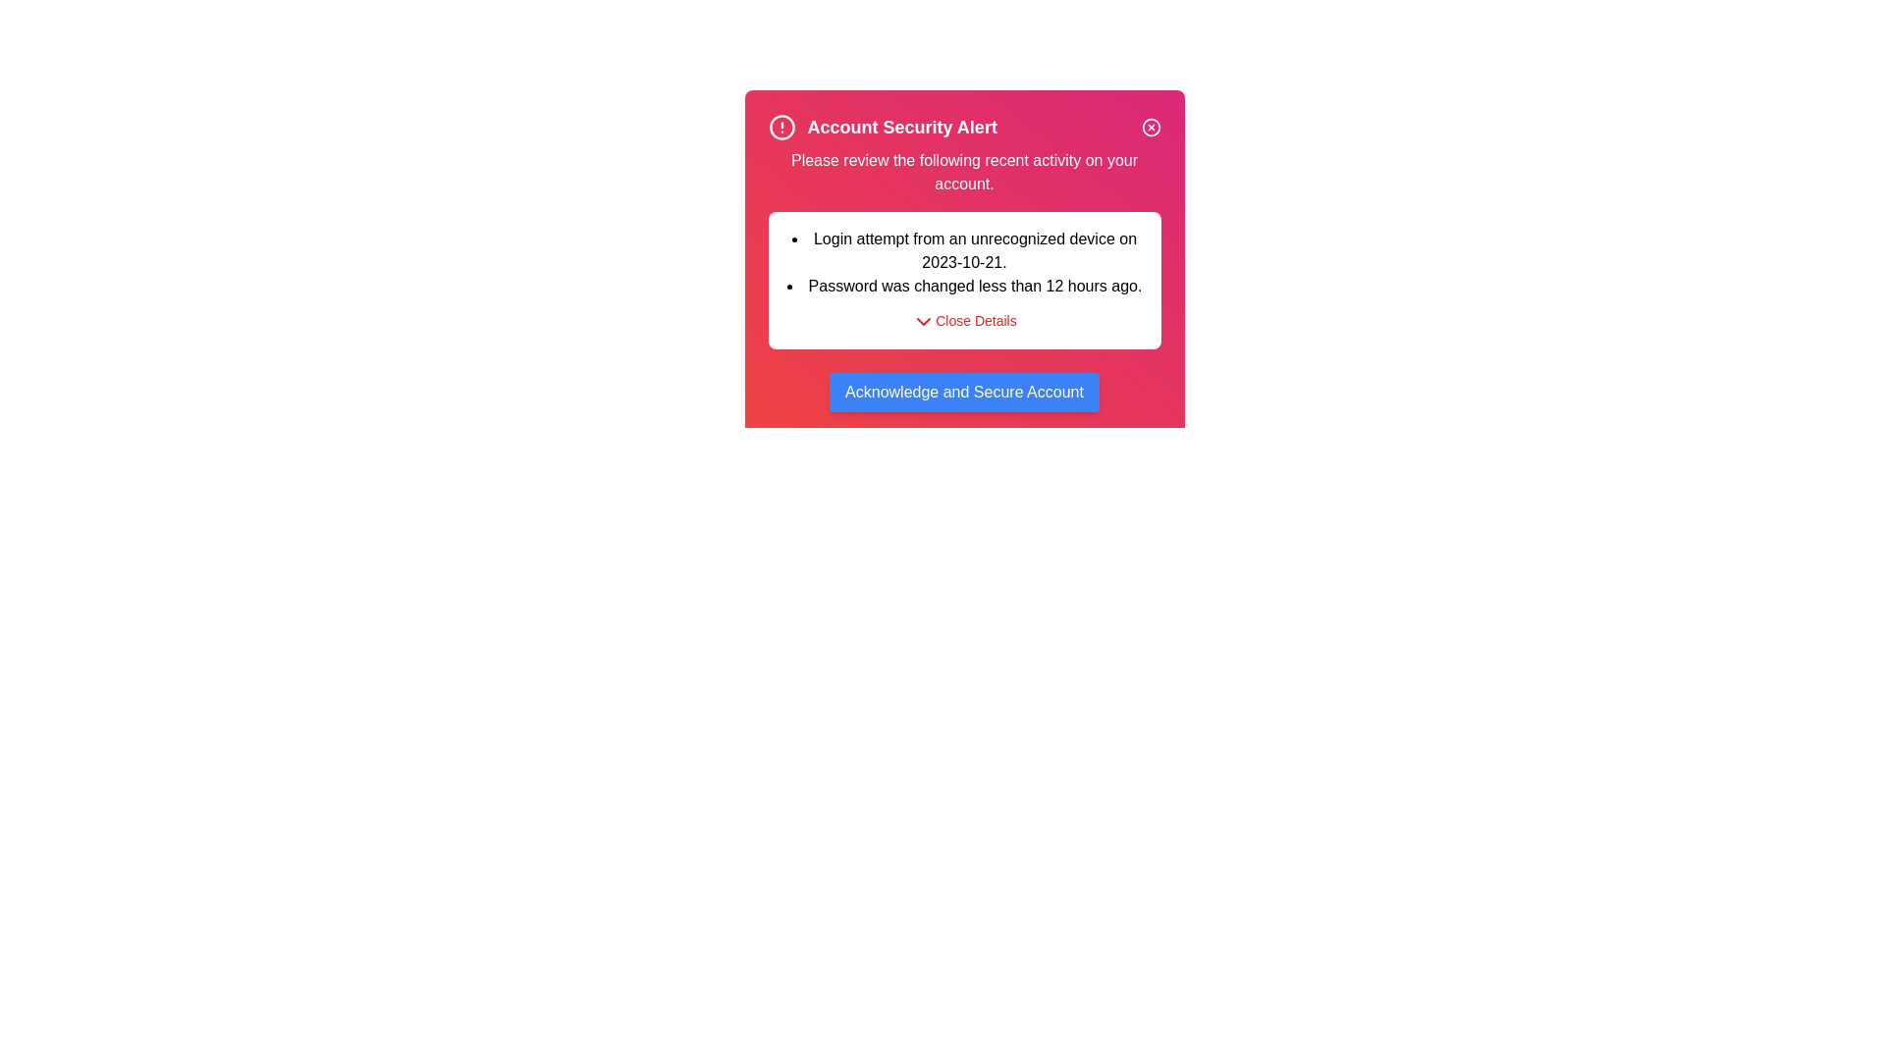 The height and width of the screenshot is (1060, 1885). What do you see at coordinates (923, 320) in the screenshot?
I see `the Chevron icon located to the left of the 'Close Details' text within the alert box` at bounding box center [923, 320].